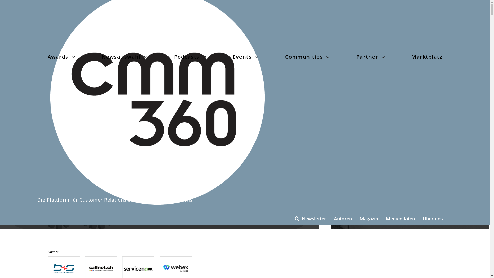  What do you see at coordinates (62, 57) in the screenshot?
I see `'Awards'` at bounding box center [62, 57].